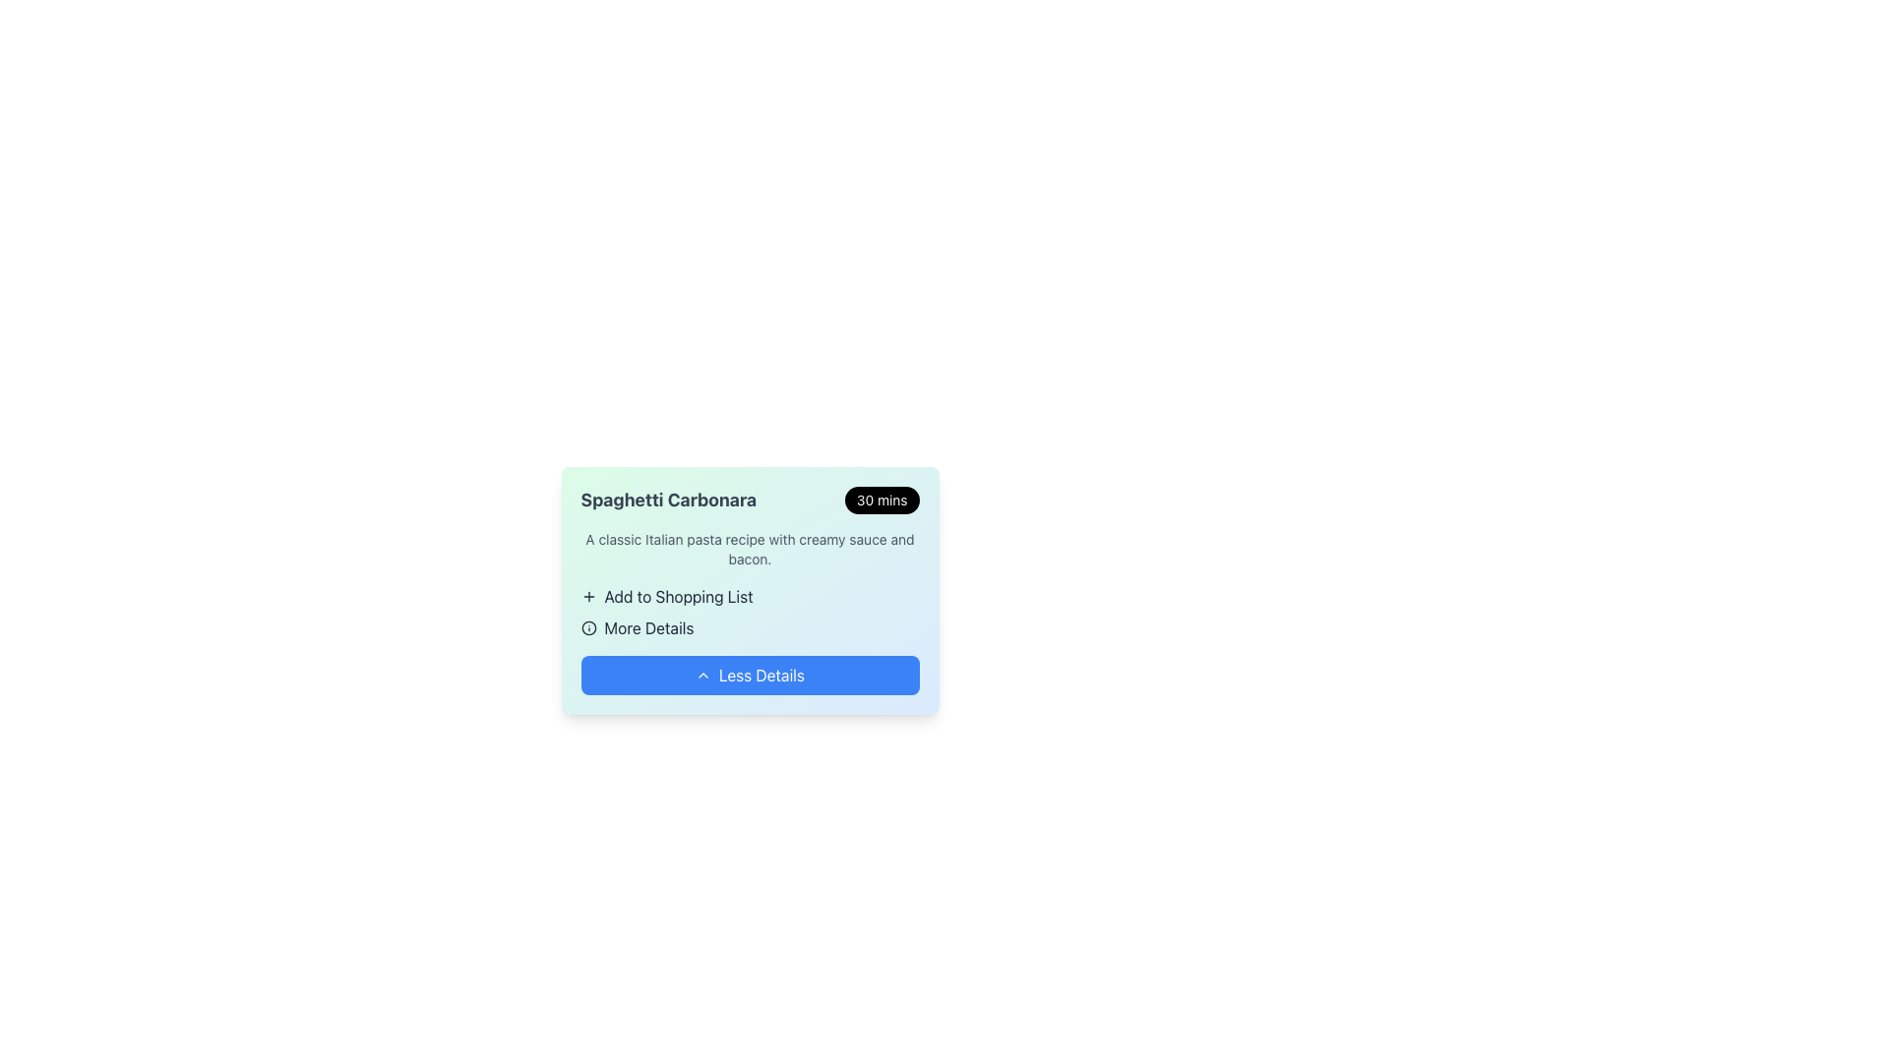 The image size is (1889, 1062). What do you see at coordinates (587, 628) in the screenshot?
I see `the informational indicator icon located in the 'More Details' section, positioned to the left of the text 'More Details', using keyboard navigation` at bounding box center [587, 628].